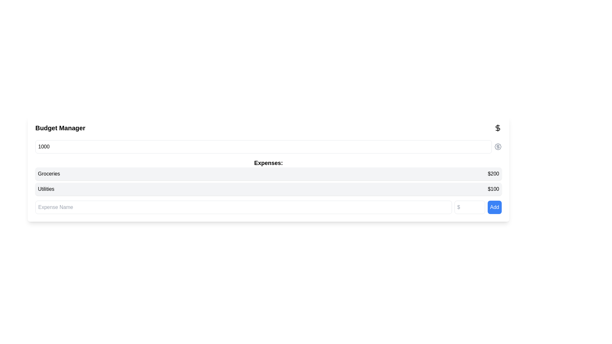  What do you see at coordinates (60, 128) in the screenshot?
I see `the 'Budget Manager' text label, which is a prominent heading in bold and extra-large font located in the header on the left side of the interface` at bounding box center [60, 128].